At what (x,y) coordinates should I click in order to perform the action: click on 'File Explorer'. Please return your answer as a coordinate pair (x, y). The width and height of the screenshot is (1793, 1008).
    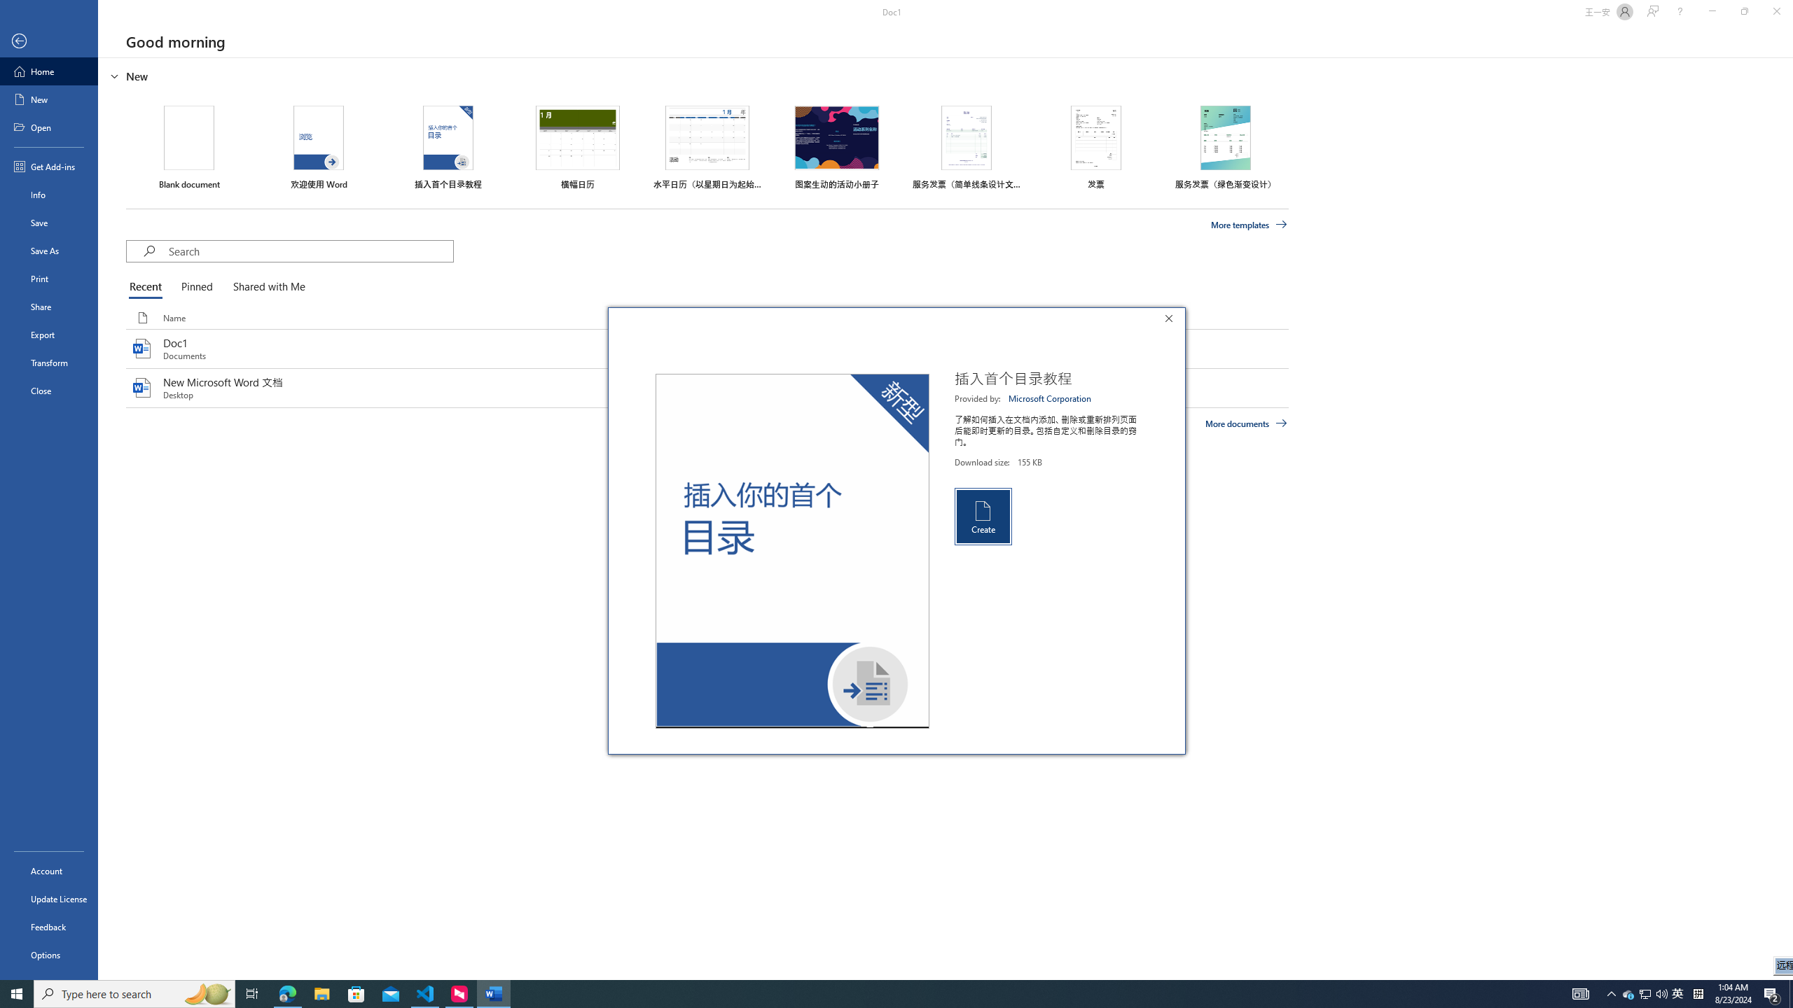
    Looking at the image, I should click on (321, 993).